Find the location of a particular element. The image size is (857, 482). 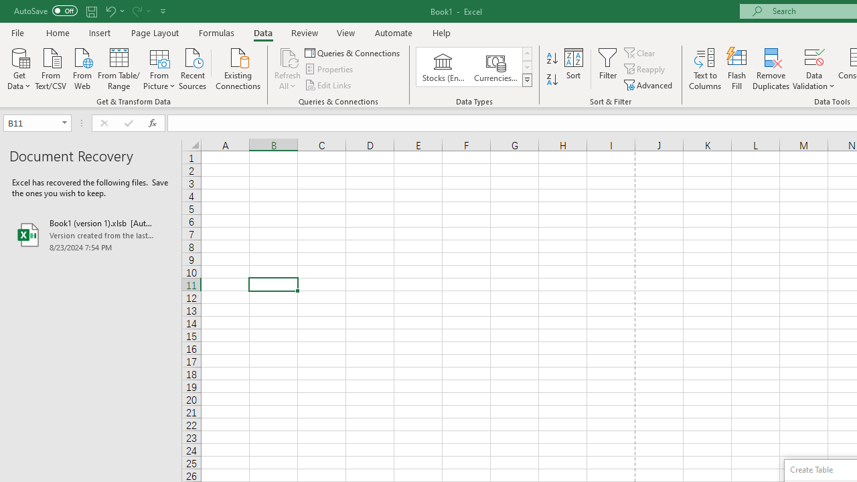

'Clear' is located at coordinates (640, 52).